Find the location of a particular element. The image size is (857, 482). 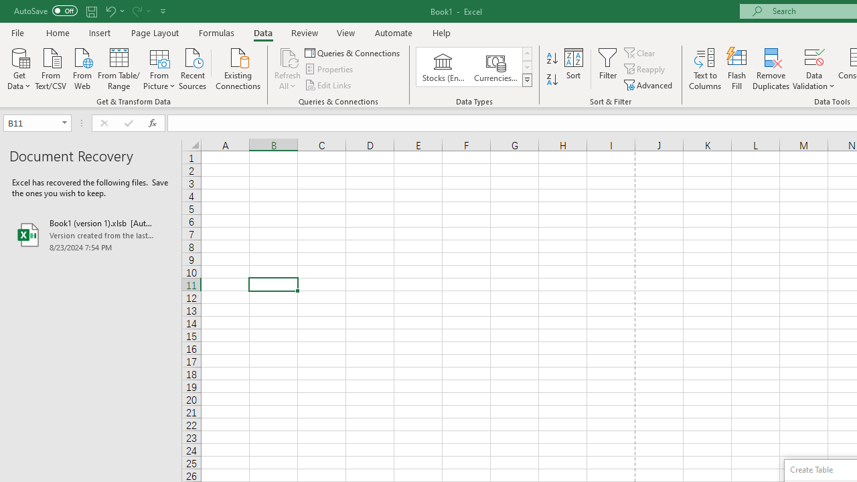

'Clear' is located at coordinates (640, 52).